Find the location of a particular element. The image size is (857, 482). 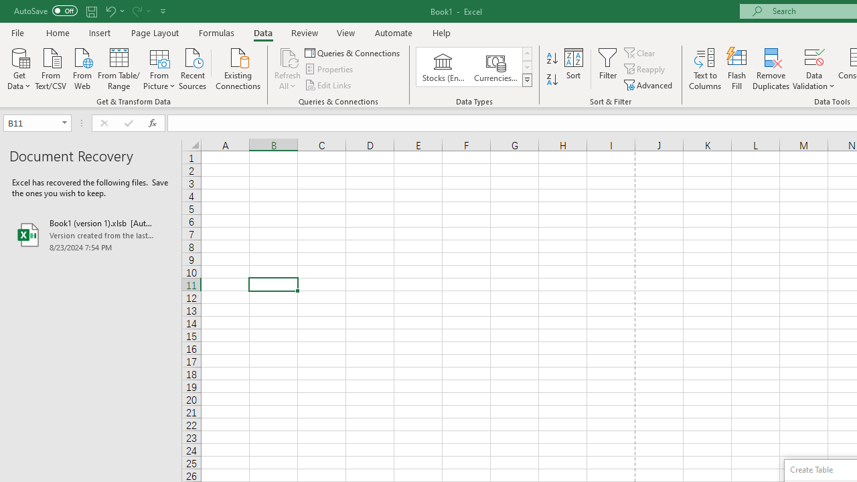

'Clear' is located at coordinates (640, 52).